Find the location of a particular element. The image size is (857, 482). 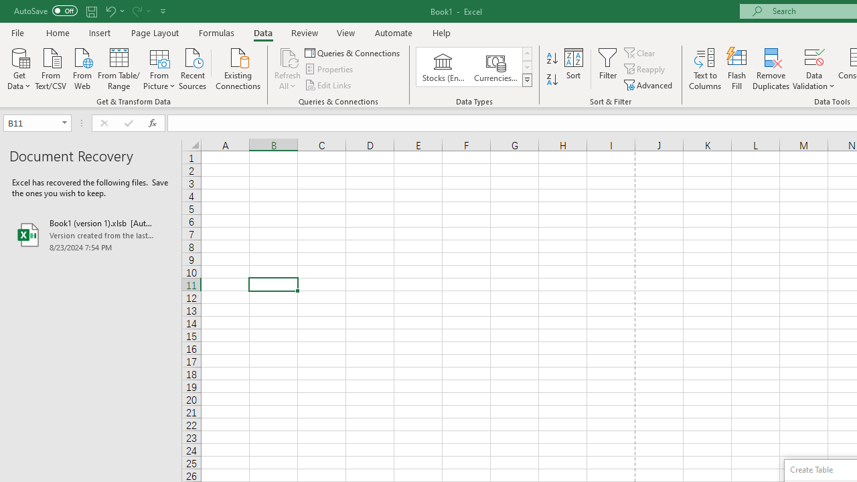

'Clear' is located at coordinates (640, 52).